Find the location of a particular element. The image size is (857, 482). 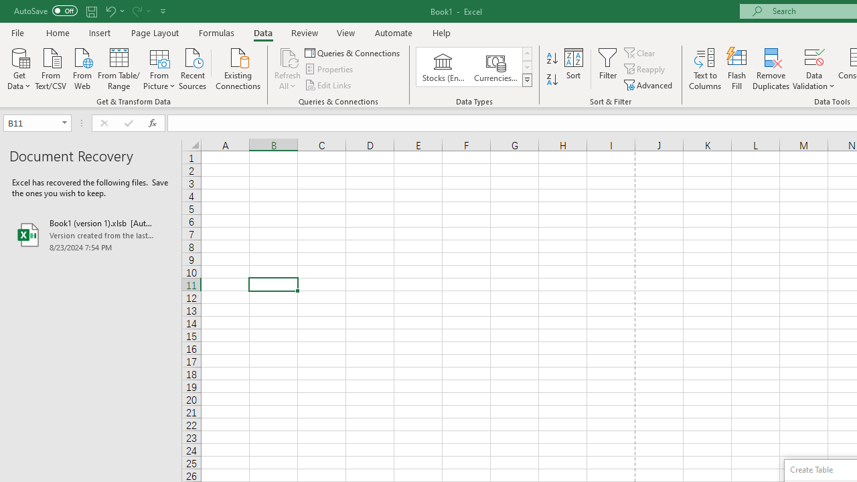

'Clear' is located at coordinates (640, 52).